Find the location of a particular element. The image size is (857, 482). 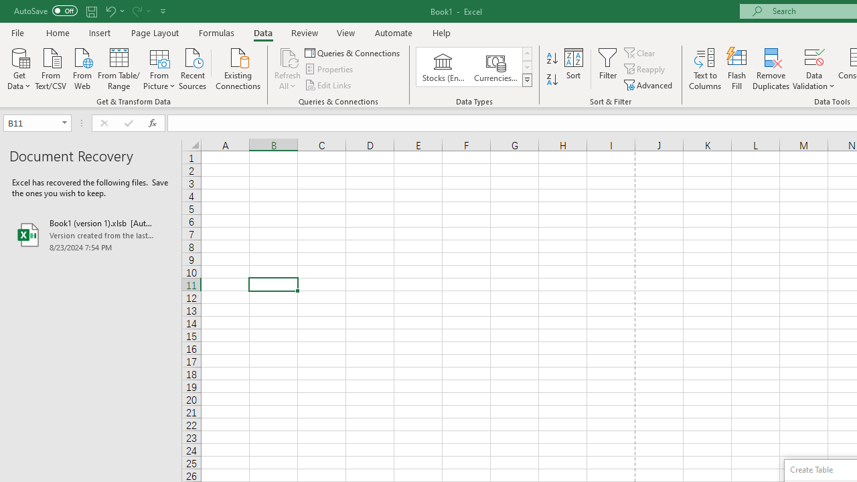

'Clear' is located at coordinates (640, 52).